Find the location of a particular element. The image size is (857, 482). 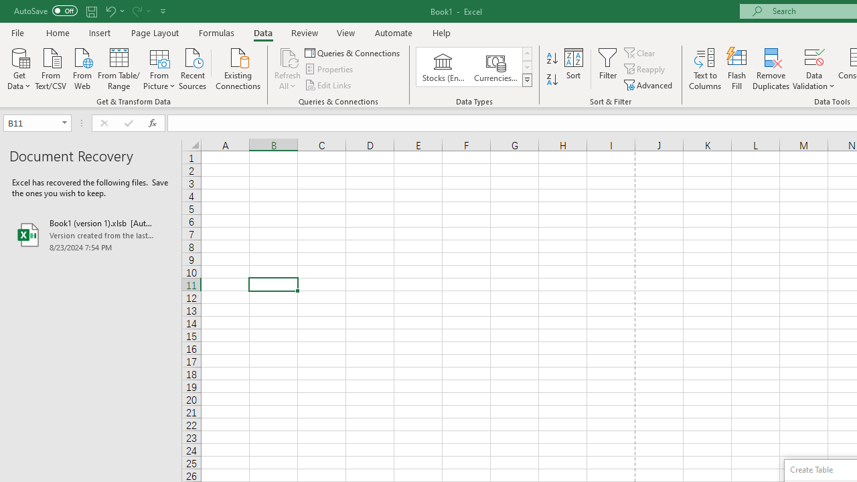

'Clear' is located at coordinates (640, 52).